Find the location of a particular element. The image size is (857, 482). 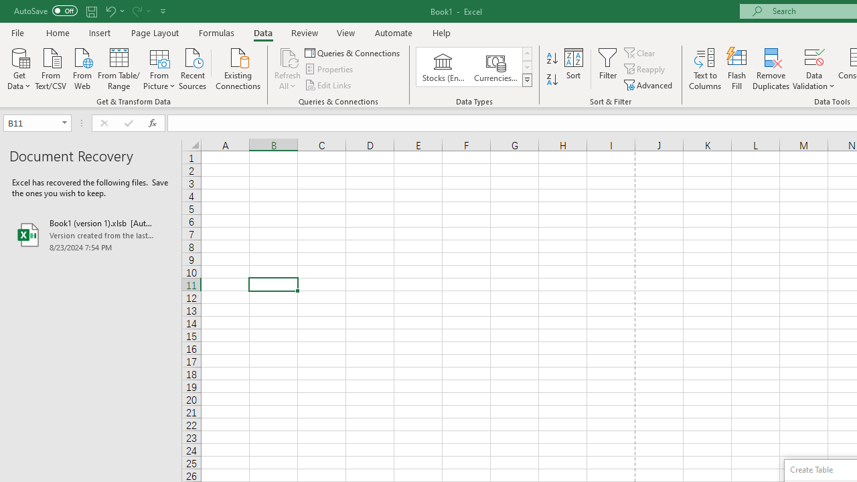

'Clear' is located at coordinates (640, 52).